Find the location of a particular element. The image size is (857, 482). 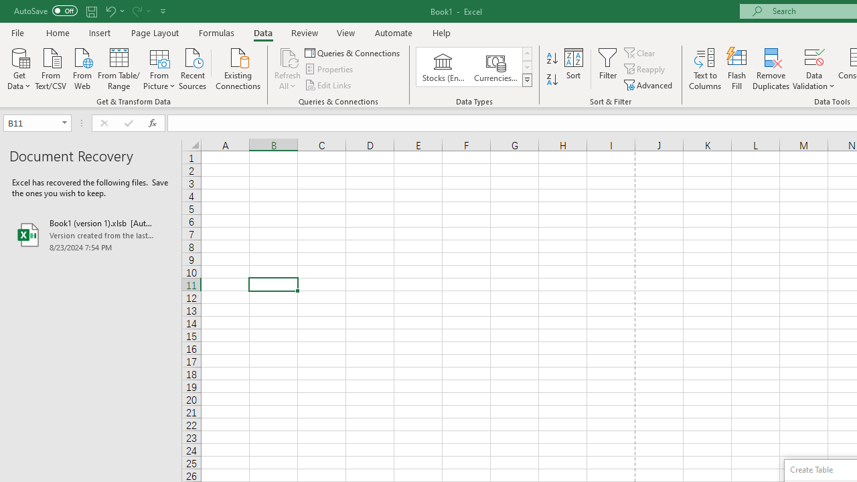

'Clear' is located at coordinates (640, 52).